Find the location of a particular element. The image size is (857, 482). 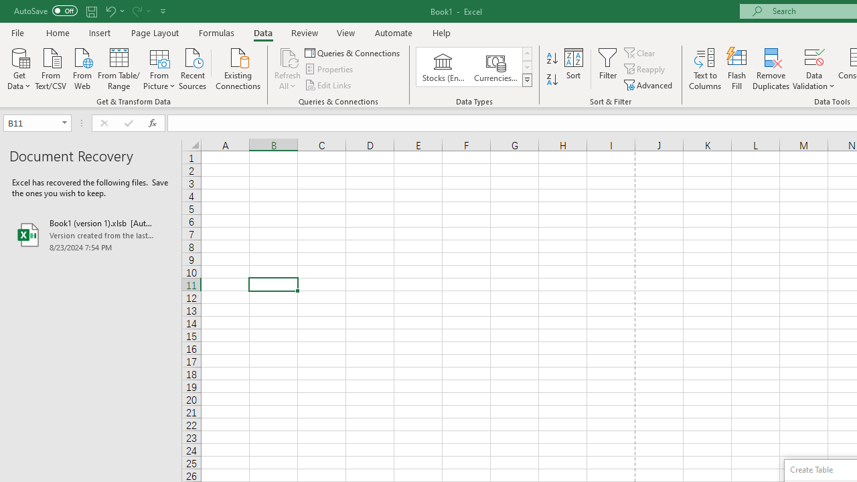

'Clear' is located at coordinates (640, 52).